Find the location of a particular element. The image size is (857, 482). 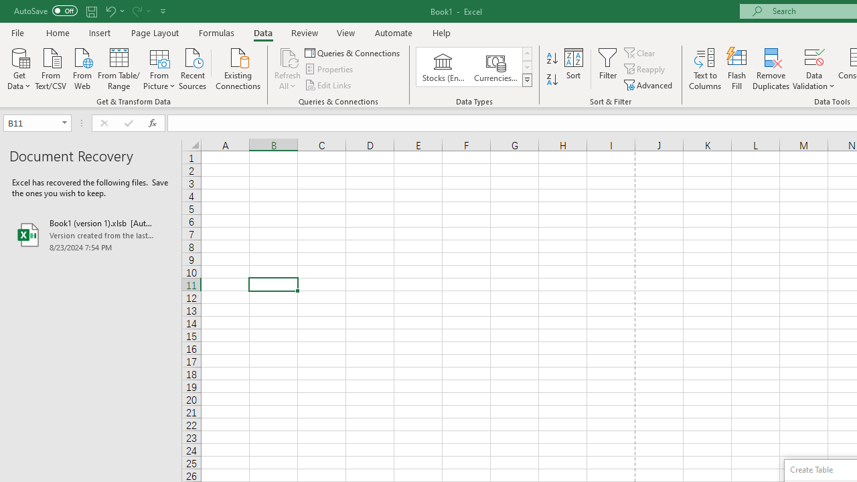

'Clear' is located at coordinates (640, 52).